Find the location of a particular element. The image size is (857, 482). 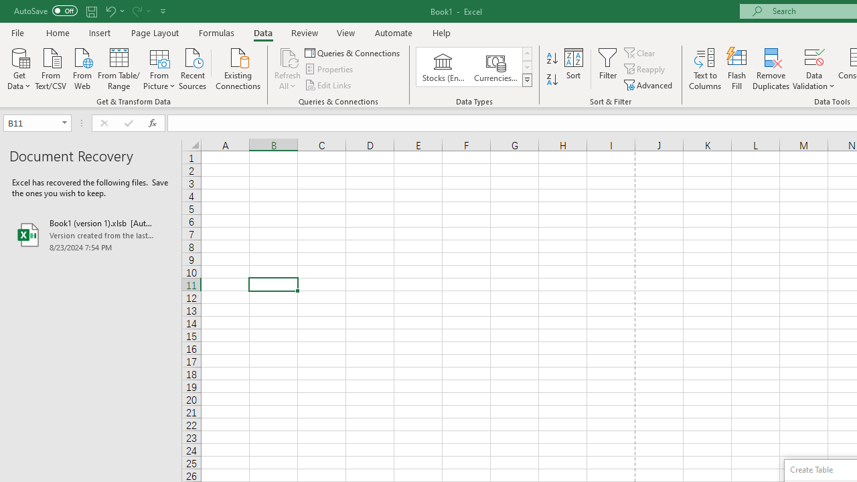

'Clear' is located at coordinates (640, 52).